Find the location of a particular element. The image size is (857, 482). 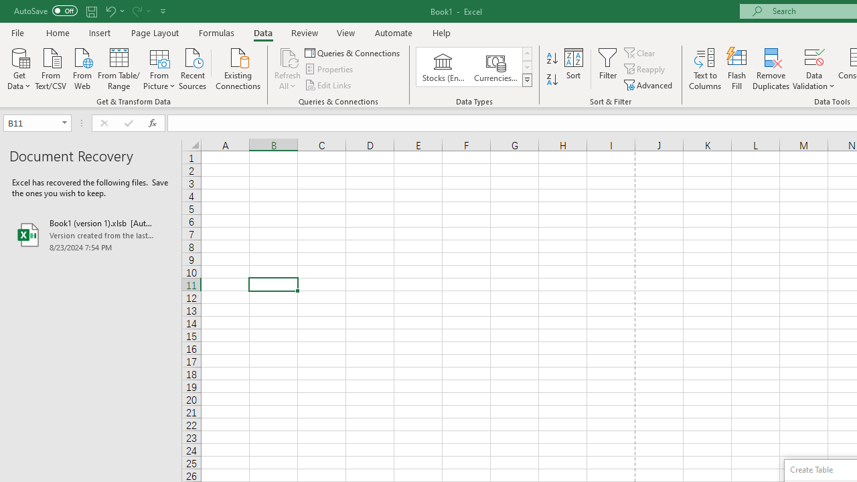

'Clear' is located at coordinates (640, 52).